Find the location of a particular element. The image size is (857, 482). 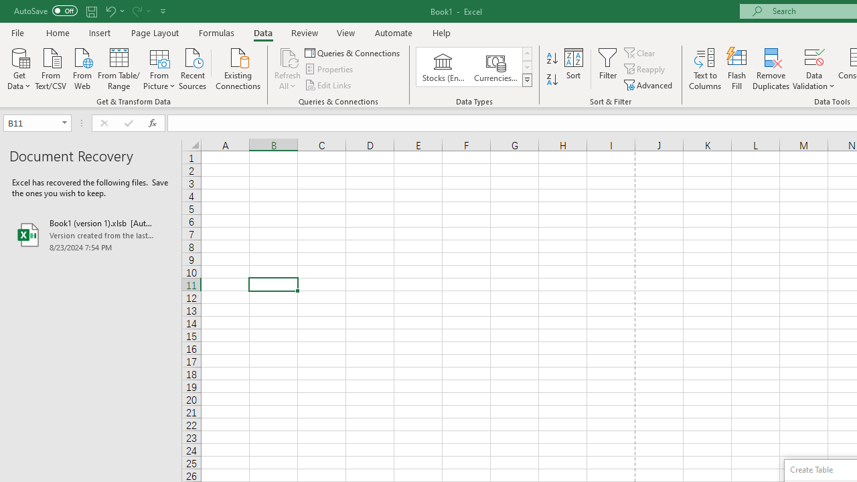

'Clear' is located at coordinates (640, 52).